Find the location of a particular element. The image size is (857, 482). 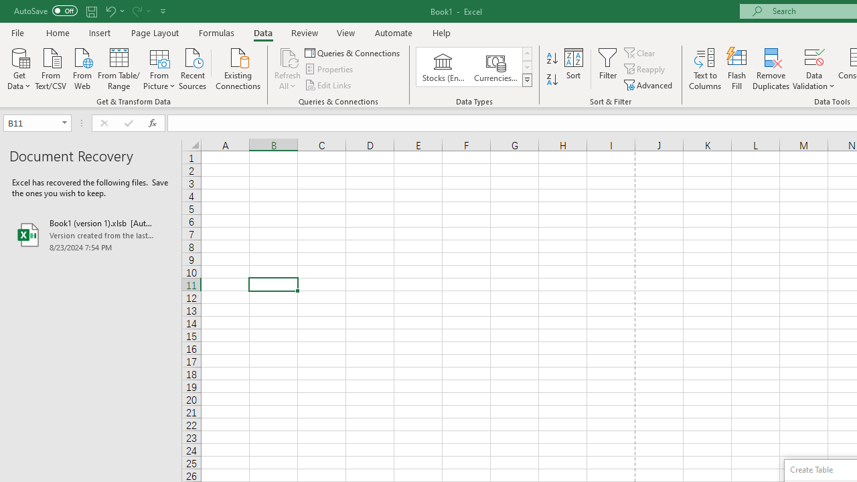

'Clear' is located at coordinates (640, 52).